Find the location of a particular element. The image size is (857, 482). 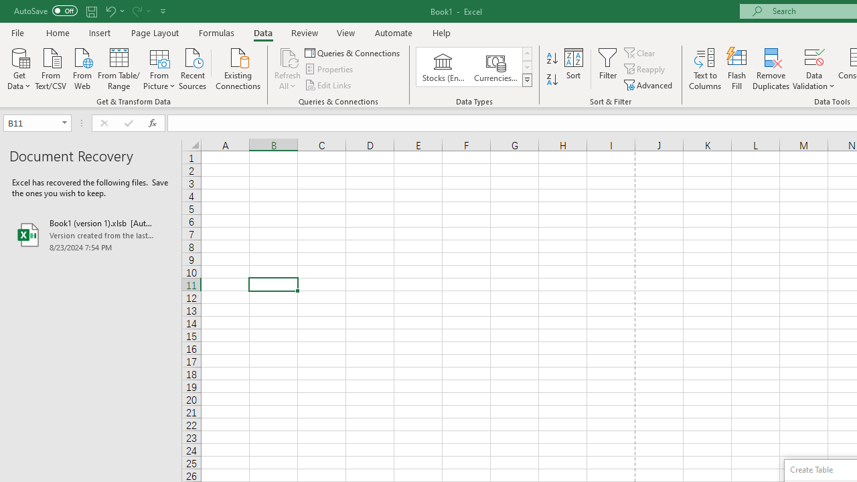

'Clear' is located at coordinates (640, 52).